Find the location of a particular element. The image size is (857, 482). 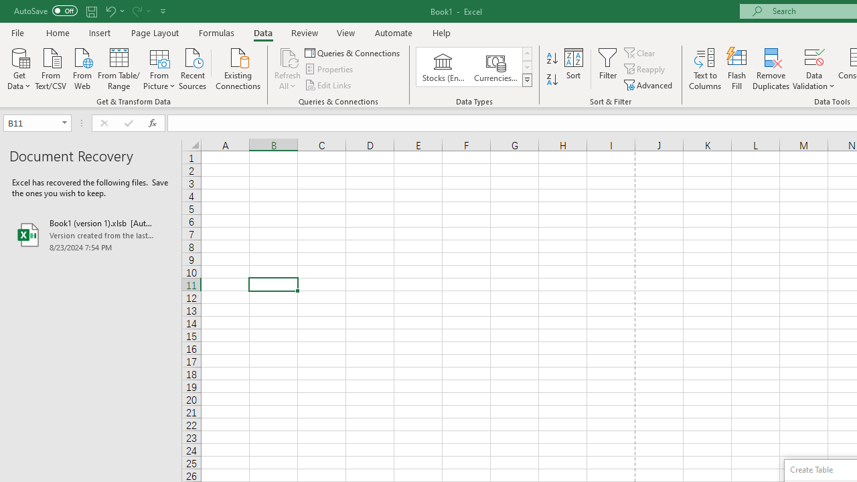

'Clear' is located at coordinates (640, 52).